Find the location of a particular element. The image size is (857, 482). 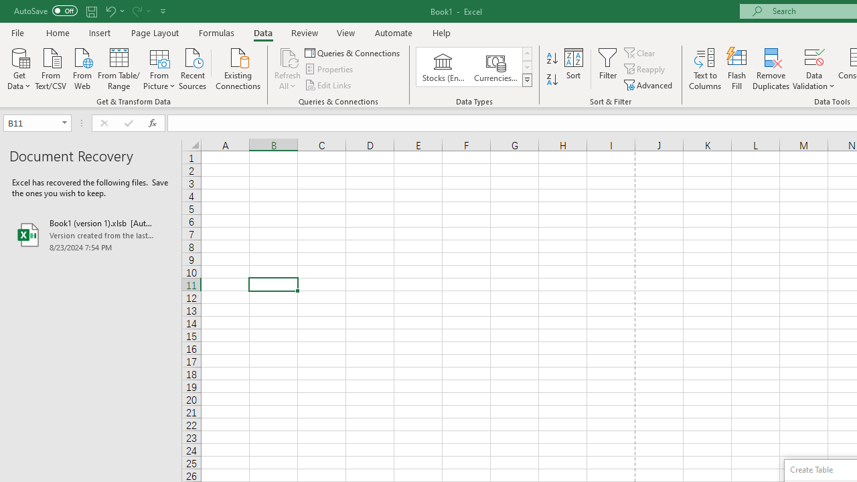

'Clear' is located at coordinates (640, 52).